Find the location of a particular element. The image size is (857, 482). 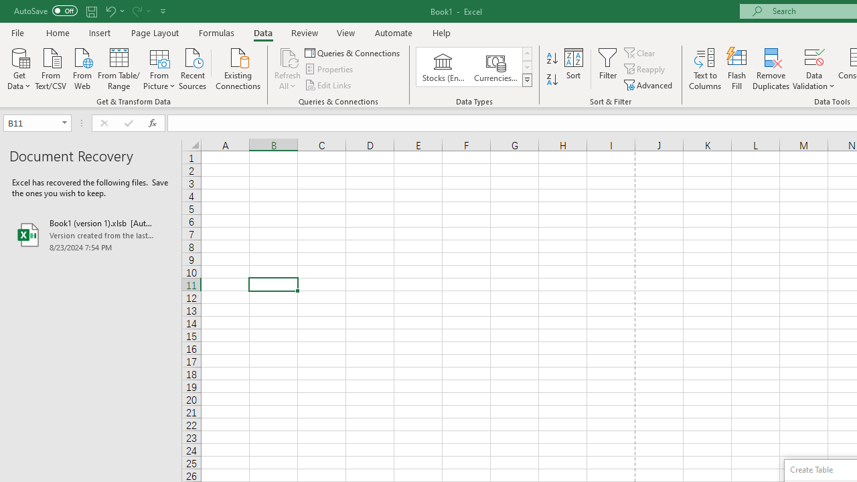

'Clear' is located at coordinates (640, 52).